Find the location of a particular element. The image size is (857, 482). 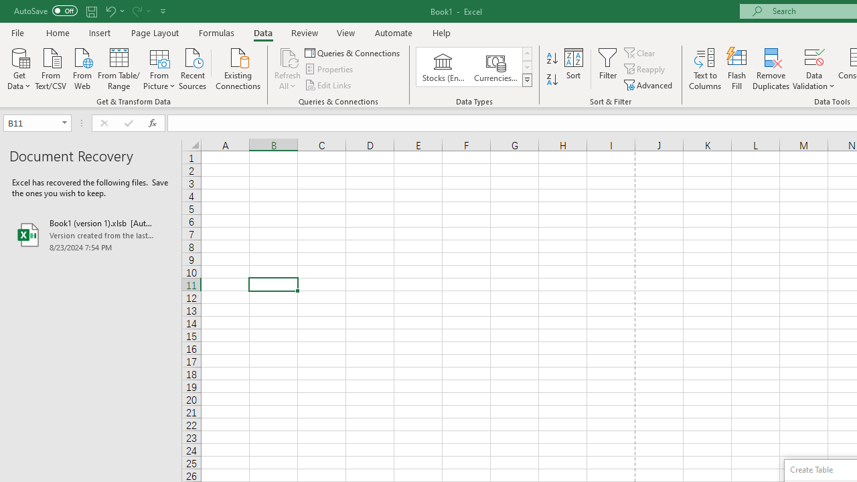

'Clear' is located at coordinates (640, 52).